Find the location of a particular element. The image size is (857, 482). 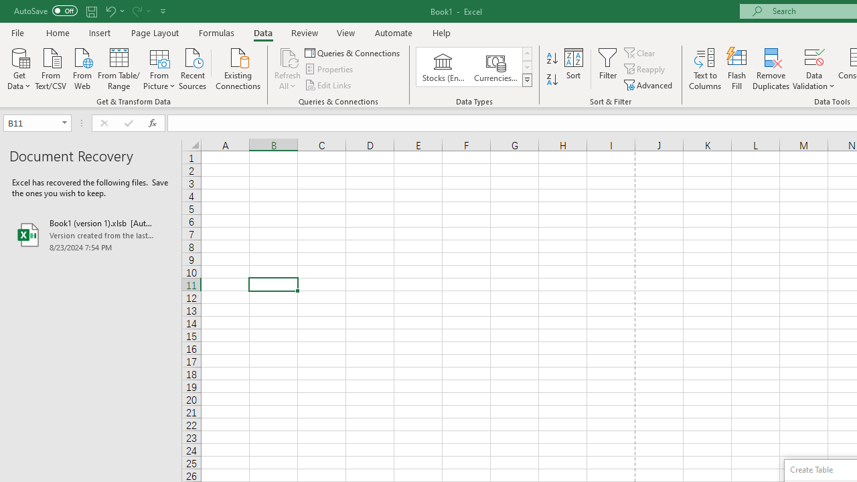

'Clear' is located at coordinates (640, 52).